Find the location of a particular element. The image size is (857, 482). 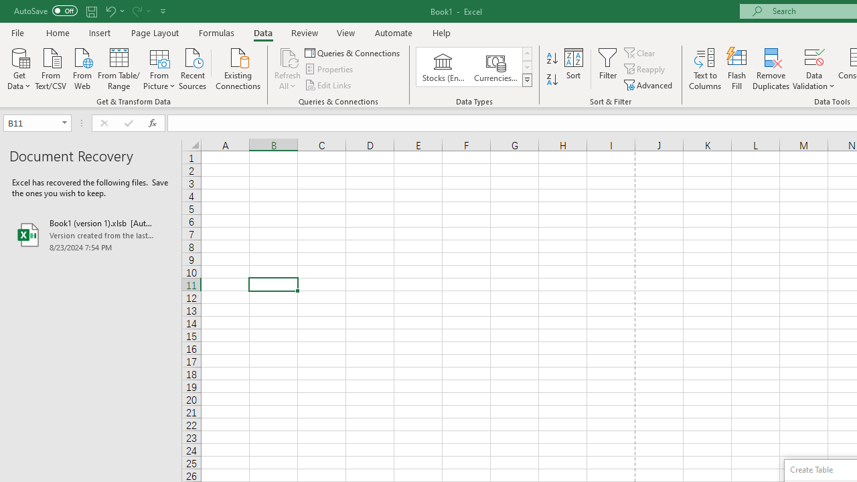

'Clear' is located at coordinates (640, 52).